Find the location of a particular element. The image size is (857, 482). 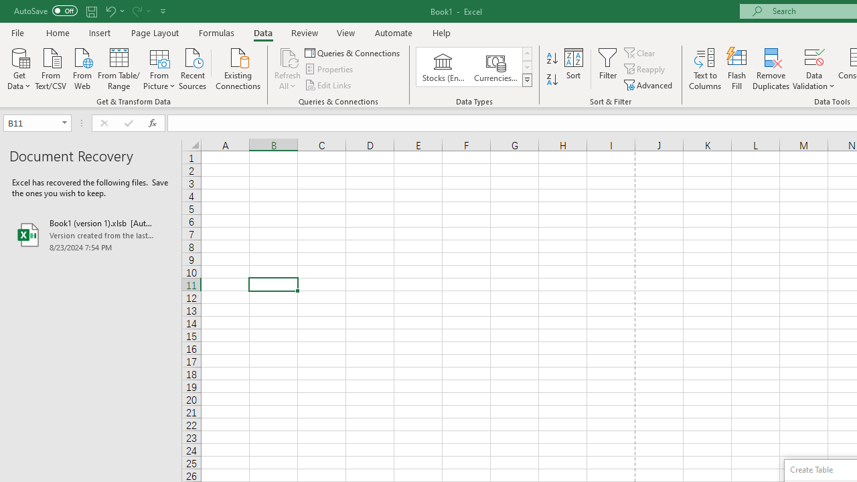

'Clear' is located at coordinates (640, 52).